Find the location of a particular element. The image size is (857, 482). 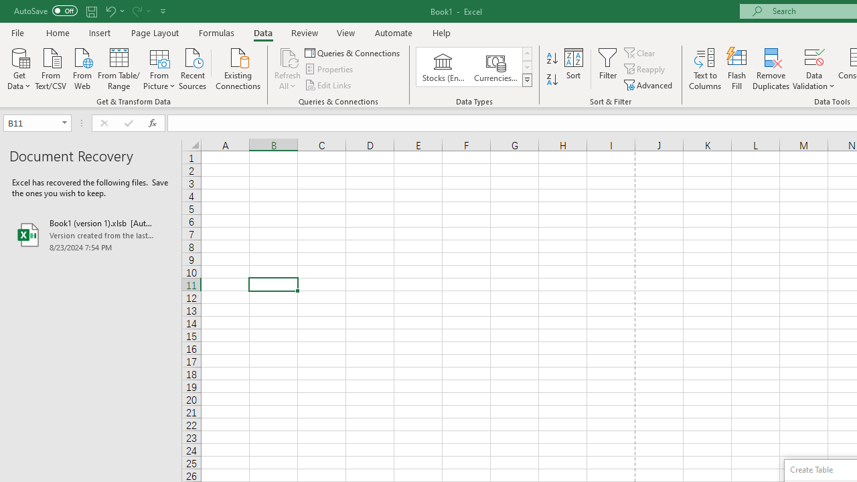

'Clear' is located at coordinates (640, 52).